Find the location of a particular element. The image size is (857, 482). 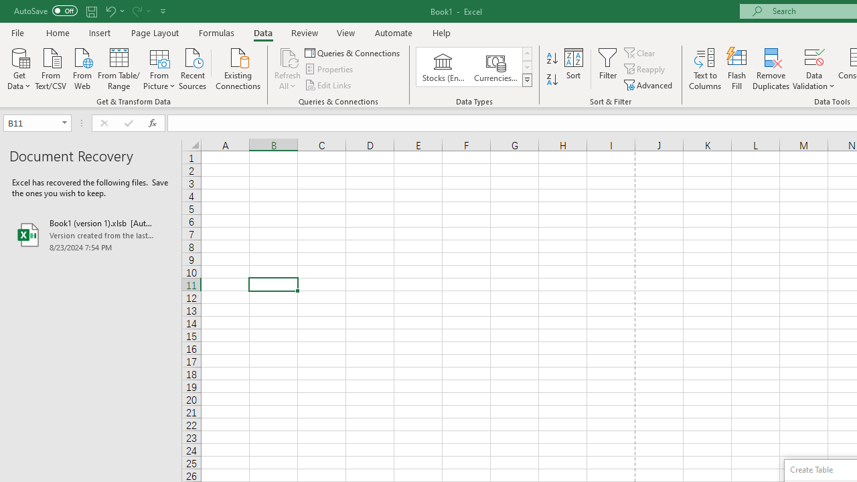

'Clear' is located at coordinates (640, 52).